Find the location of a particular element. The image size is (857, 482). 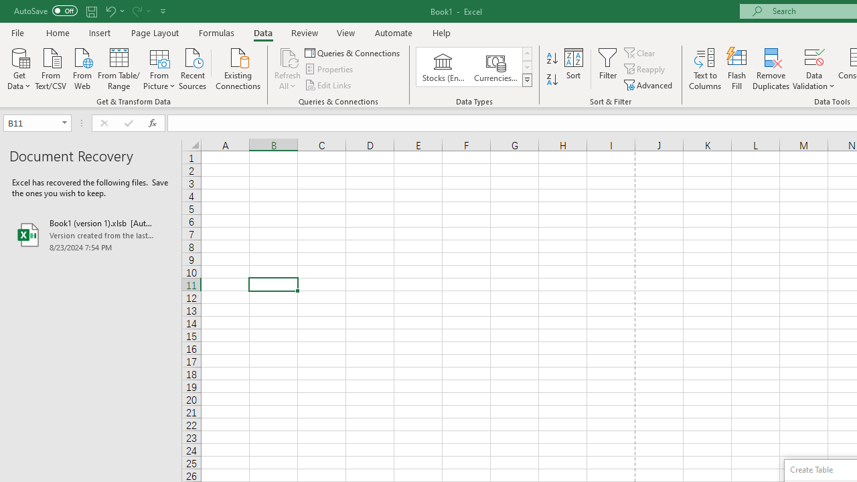

'Clear' is located at coordinates (640, 52).